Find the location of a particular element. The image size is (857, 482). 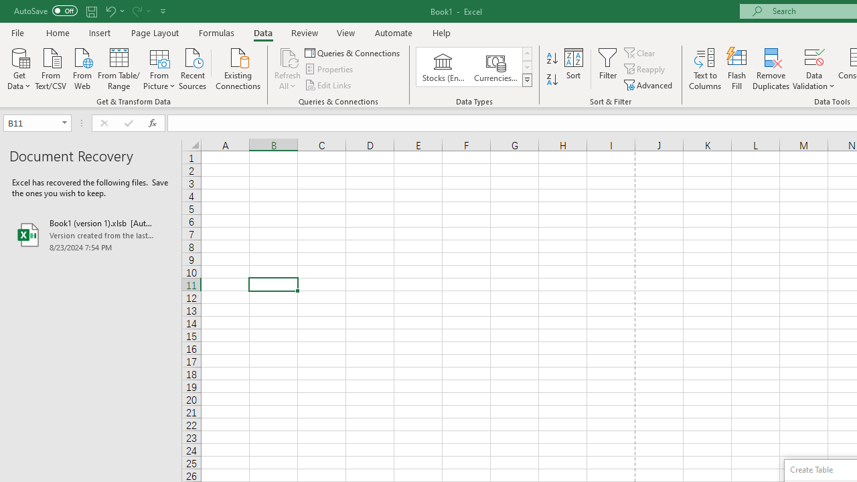

'Clear' is located at coordinates (640, 52).